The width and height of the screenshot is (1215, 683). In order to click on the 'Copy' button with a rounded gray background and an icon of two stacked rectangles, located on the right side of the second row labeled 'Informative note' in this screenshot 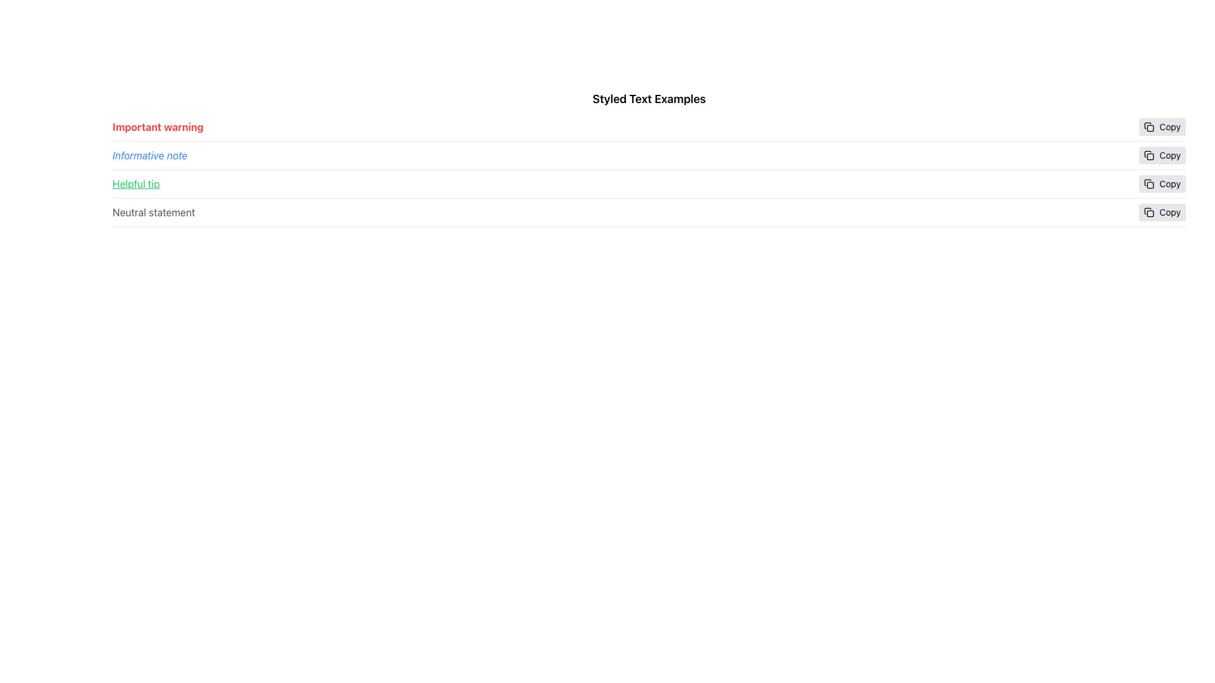, I will do `click(1162, 155)`.